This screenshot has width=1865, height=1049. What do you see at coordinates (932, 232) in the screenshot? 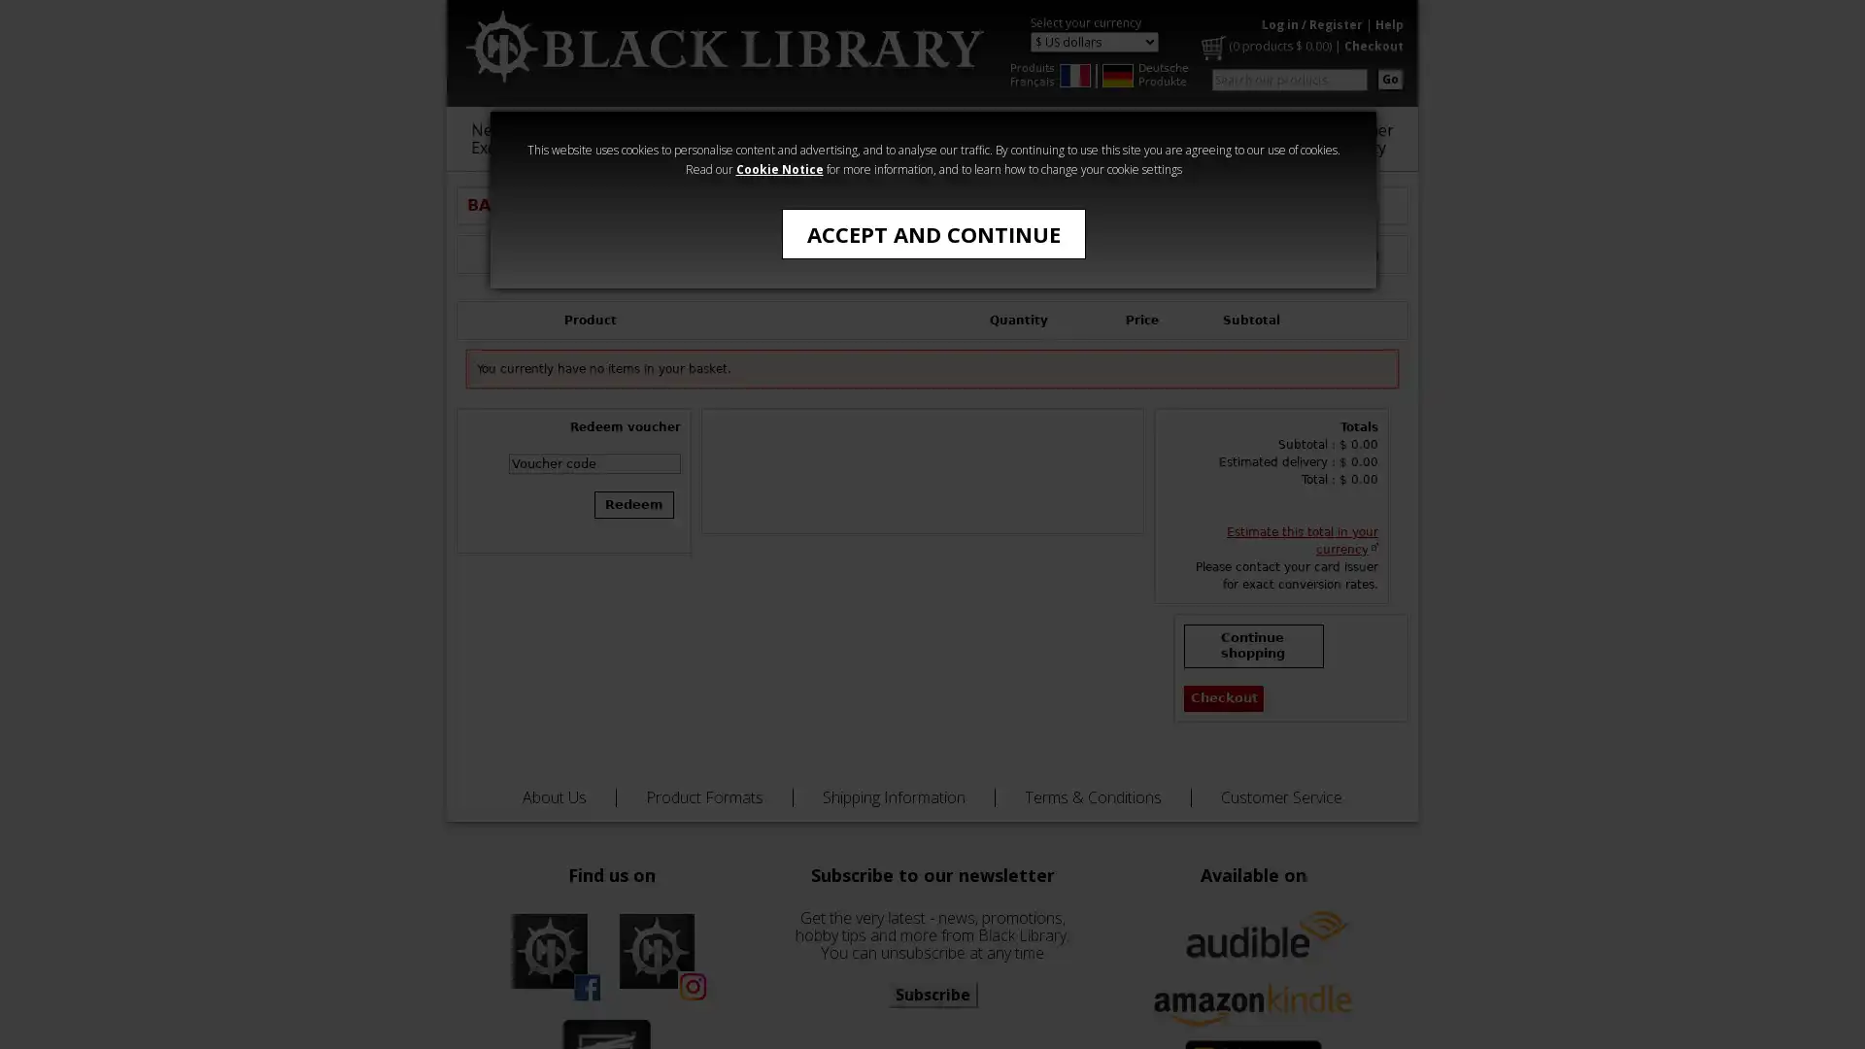
I see `ACCEPT AND CONTINUE` at bounding box center [932, 232].